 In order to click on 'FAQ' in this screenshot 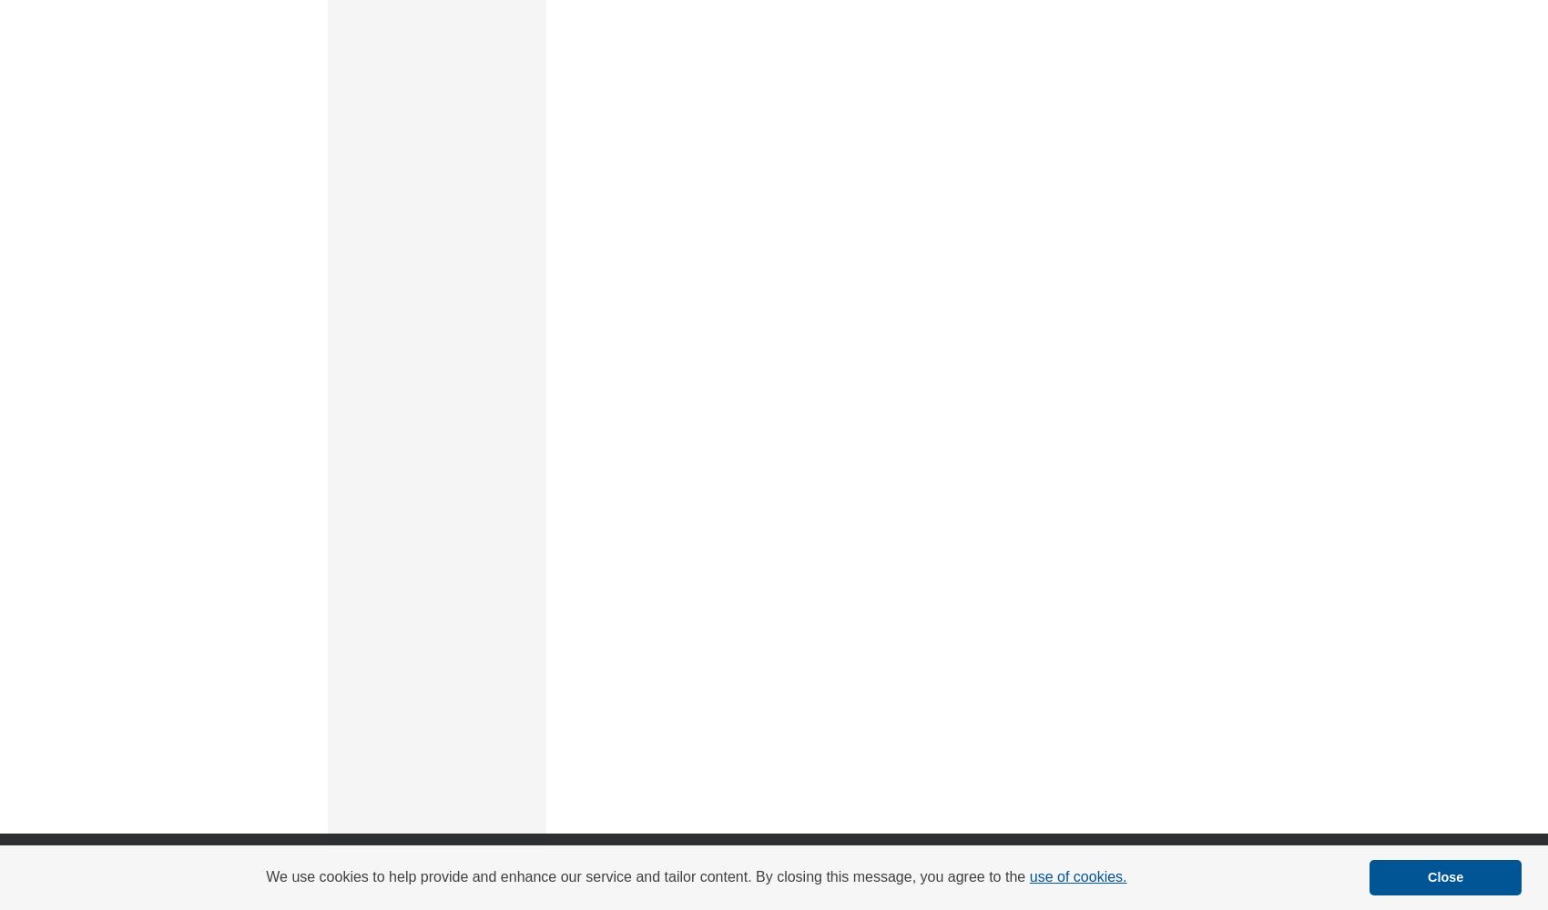, I will do `click(690, 860)`.